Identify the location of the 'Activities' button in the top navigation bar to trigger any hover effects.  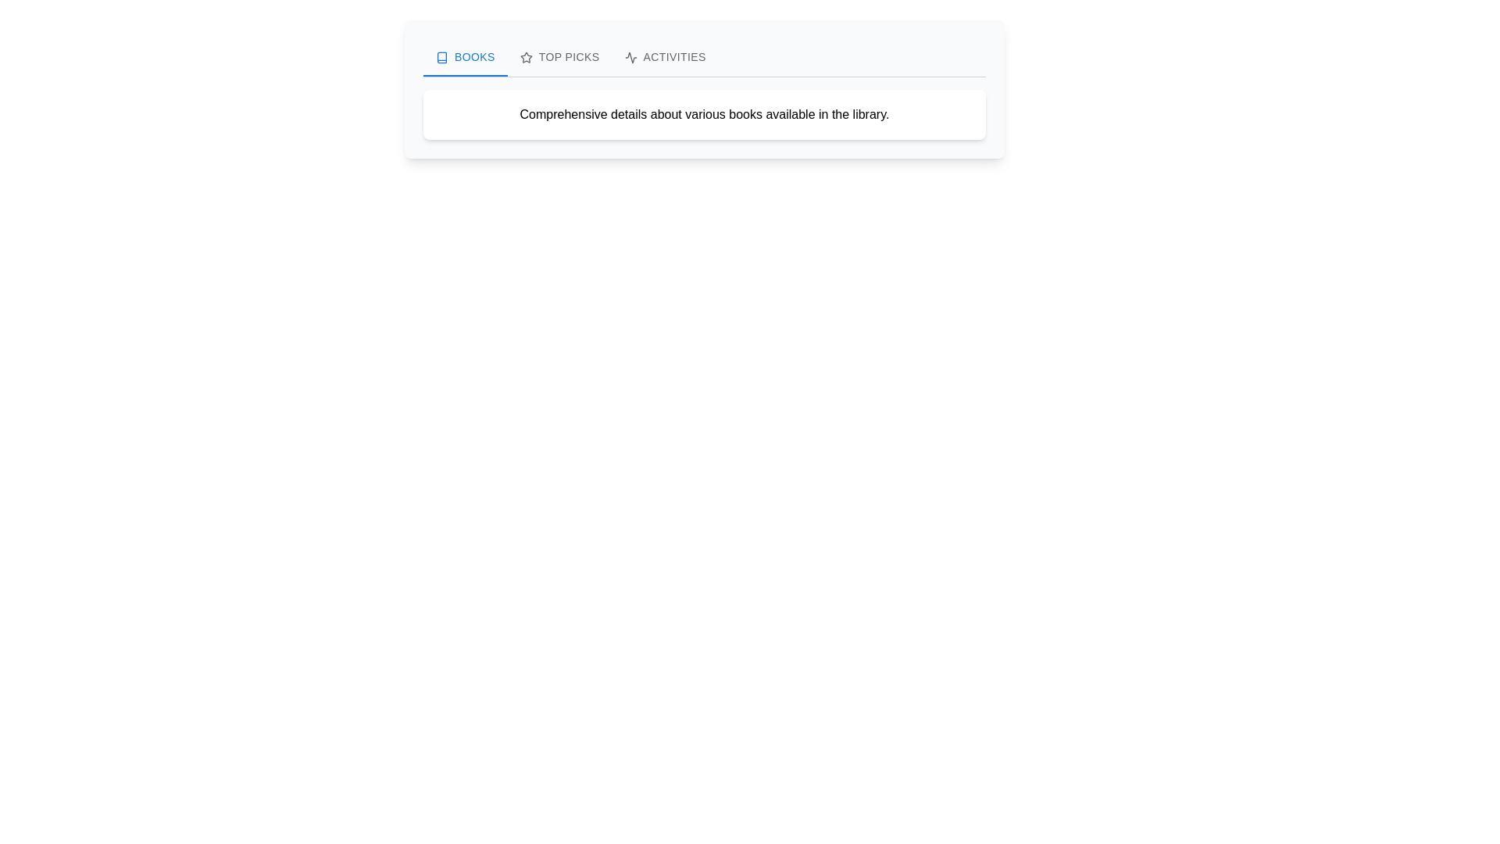
(665, 56).